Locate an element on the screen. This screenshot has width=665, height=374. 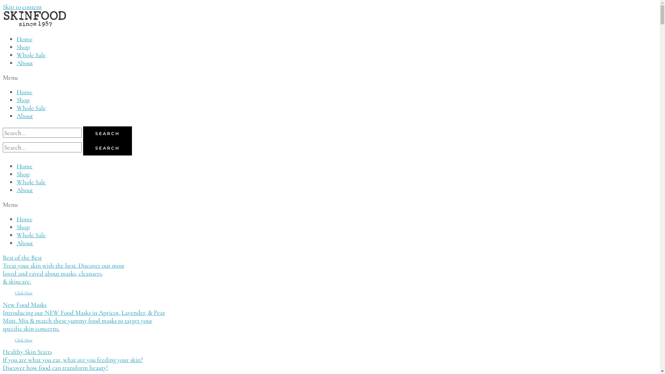
'About' is located at coordinates (25, 242).